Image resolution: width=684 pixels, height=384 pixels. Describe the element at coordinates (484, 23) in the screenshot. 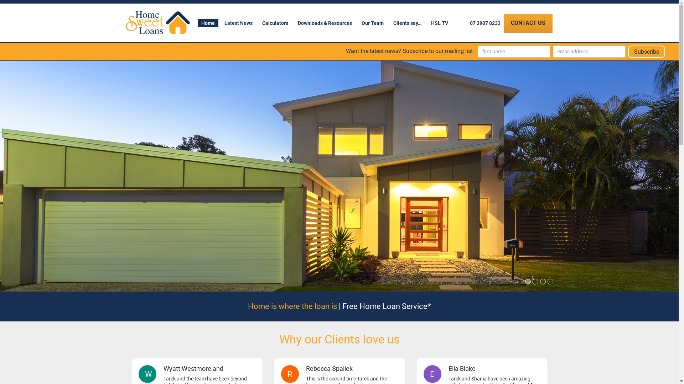

I see `'07 3907 0233'` at that location.